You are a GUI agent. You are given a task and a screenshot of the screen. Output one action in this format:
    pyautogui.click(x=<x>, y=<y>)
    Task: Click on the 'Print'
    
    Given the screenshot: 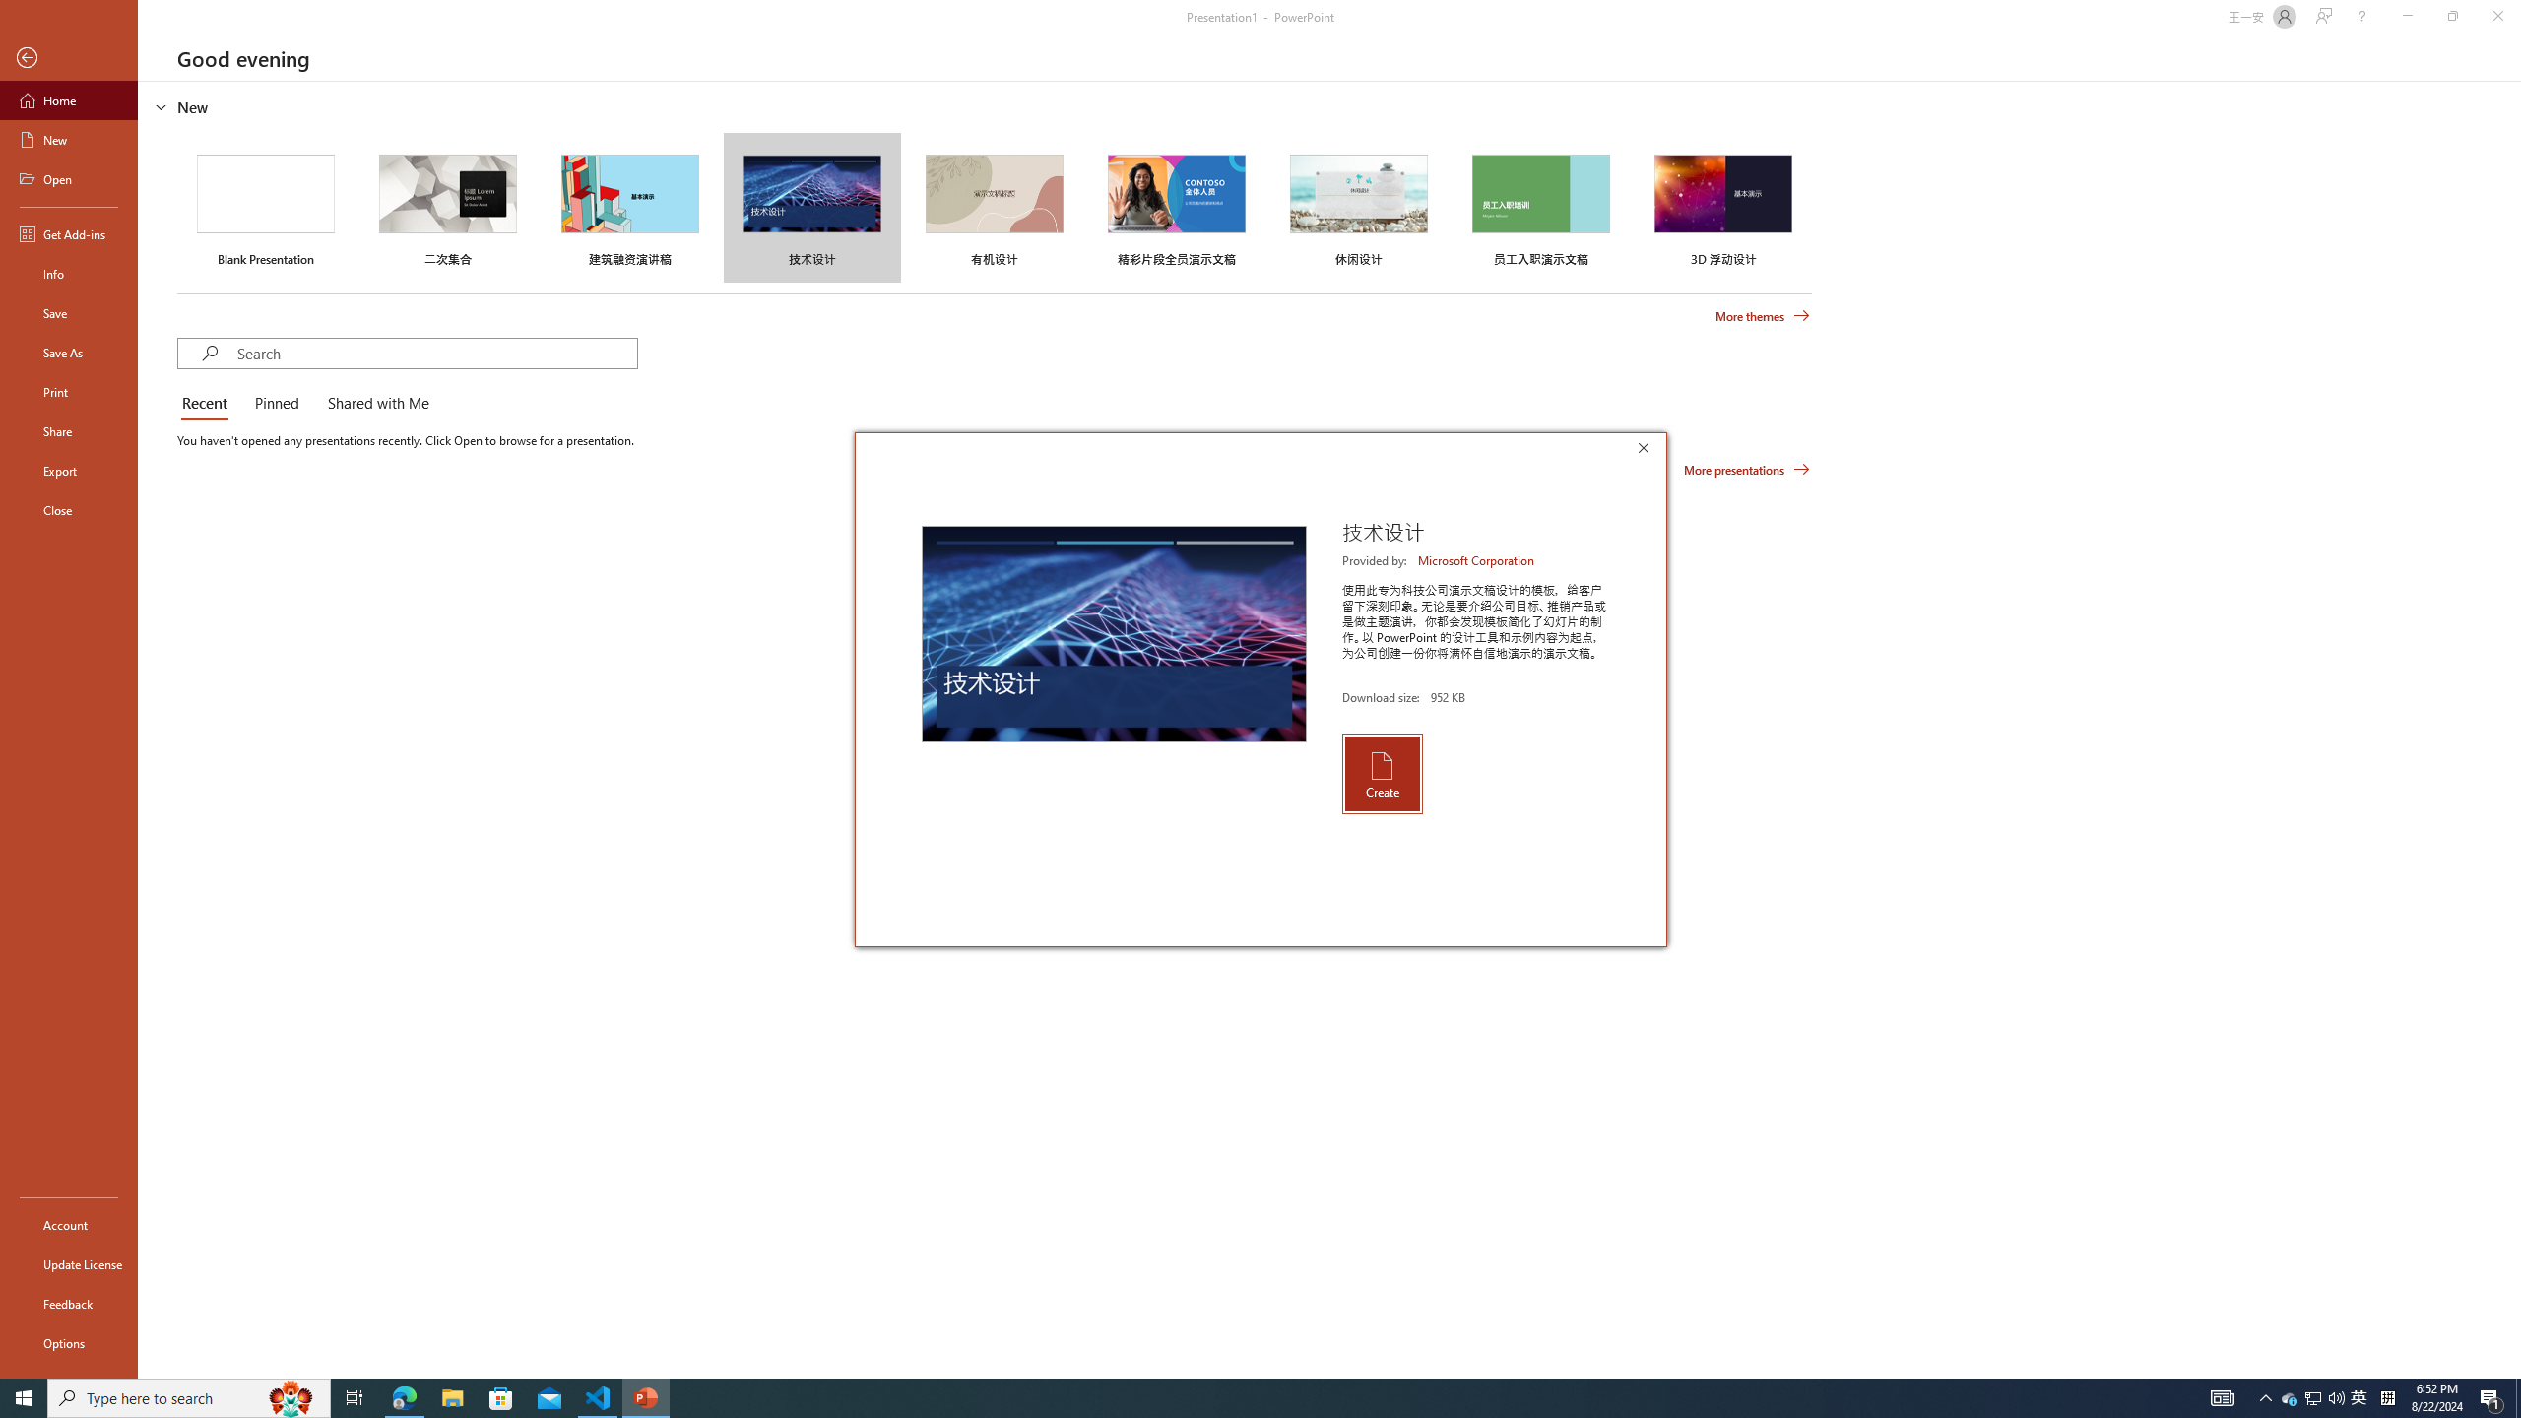 What is the action you would take?
    pyautogui.click(x=68, y=391)
    